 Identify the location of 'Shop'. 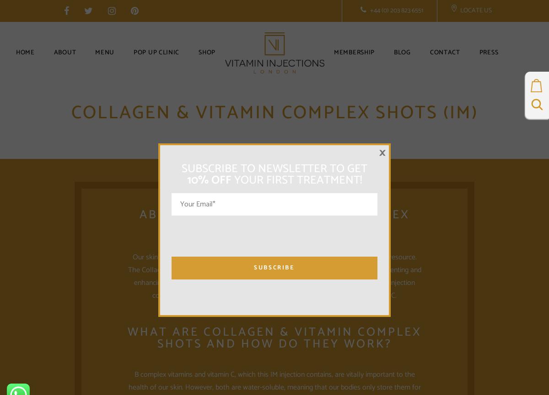
(206, 53).